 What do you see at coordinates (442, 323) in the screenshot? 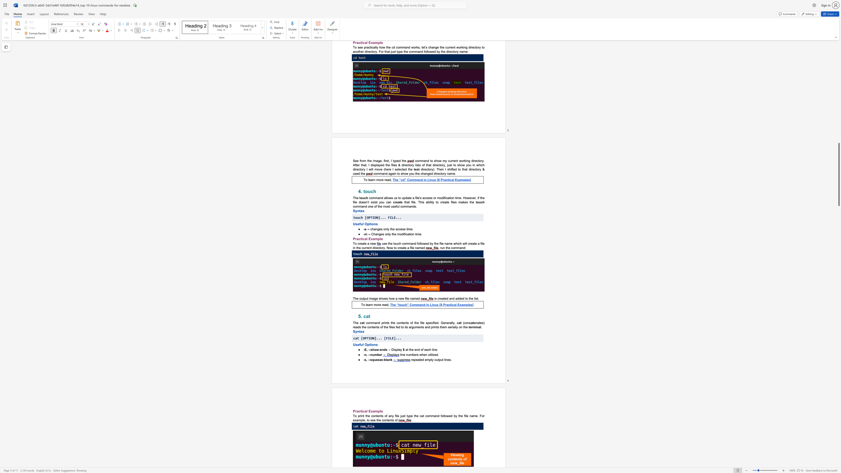
I see `the 1th character "G" in the text` at bounding box center [442, 323].